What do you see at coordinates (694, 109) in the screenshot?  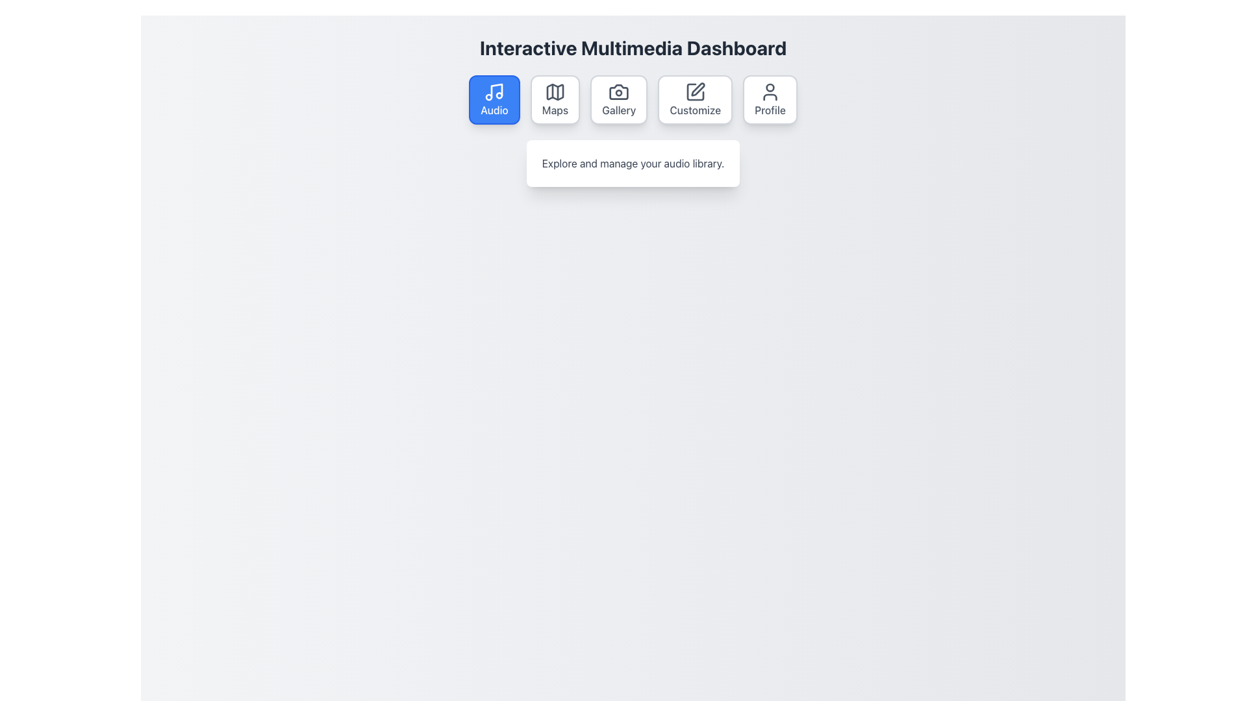 I see `the 'Customize' text label, which is the fourth item in a horizontal layout of interactive elements between 'Gallery' and 'Profile'` at bounding box center [694, 109].